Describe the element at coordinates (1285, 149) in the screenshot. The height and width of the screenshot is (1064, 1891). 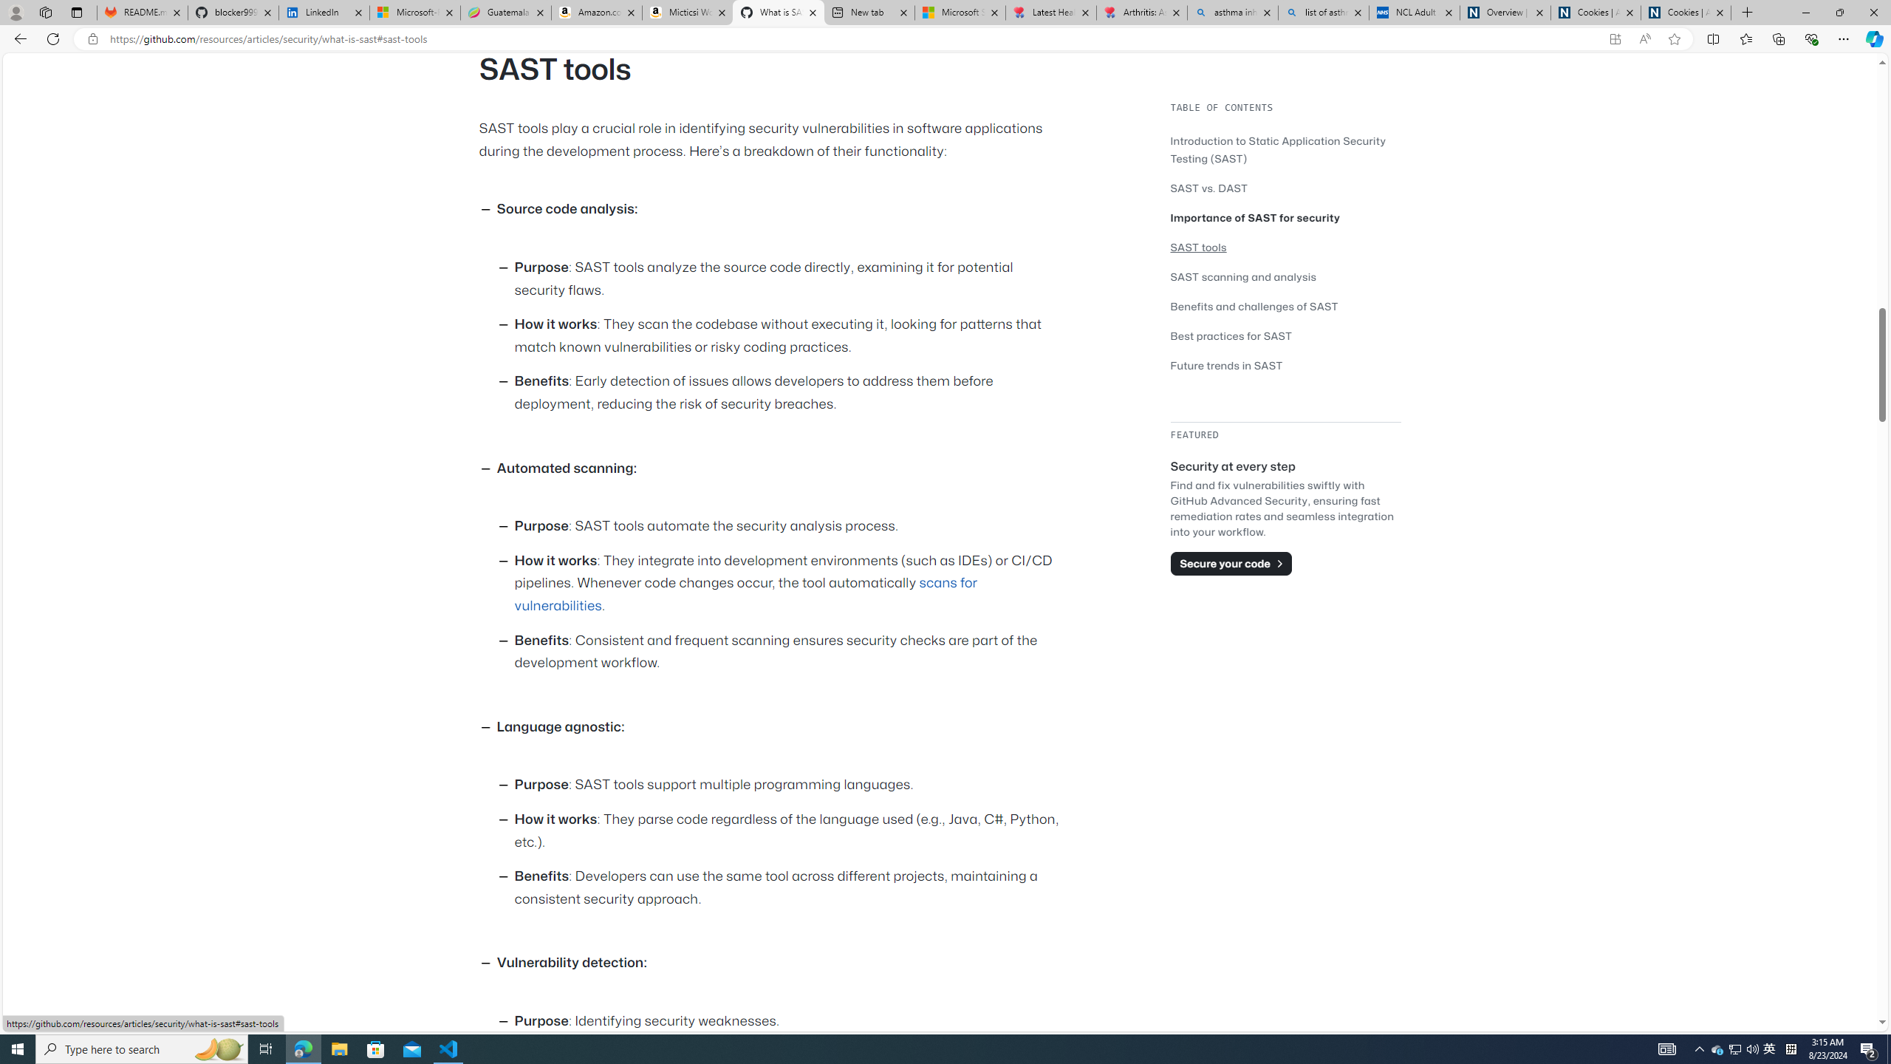
I see `'Introduction to Static Application Security Testing (SAST)'` at that location.